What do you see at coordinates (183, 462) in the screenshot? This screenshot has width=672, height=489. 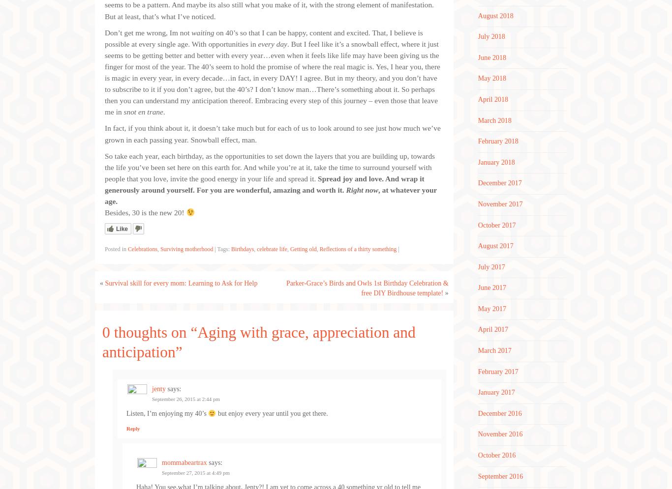 I see `'mommabeartrax'` at bounding box center [183, 462].